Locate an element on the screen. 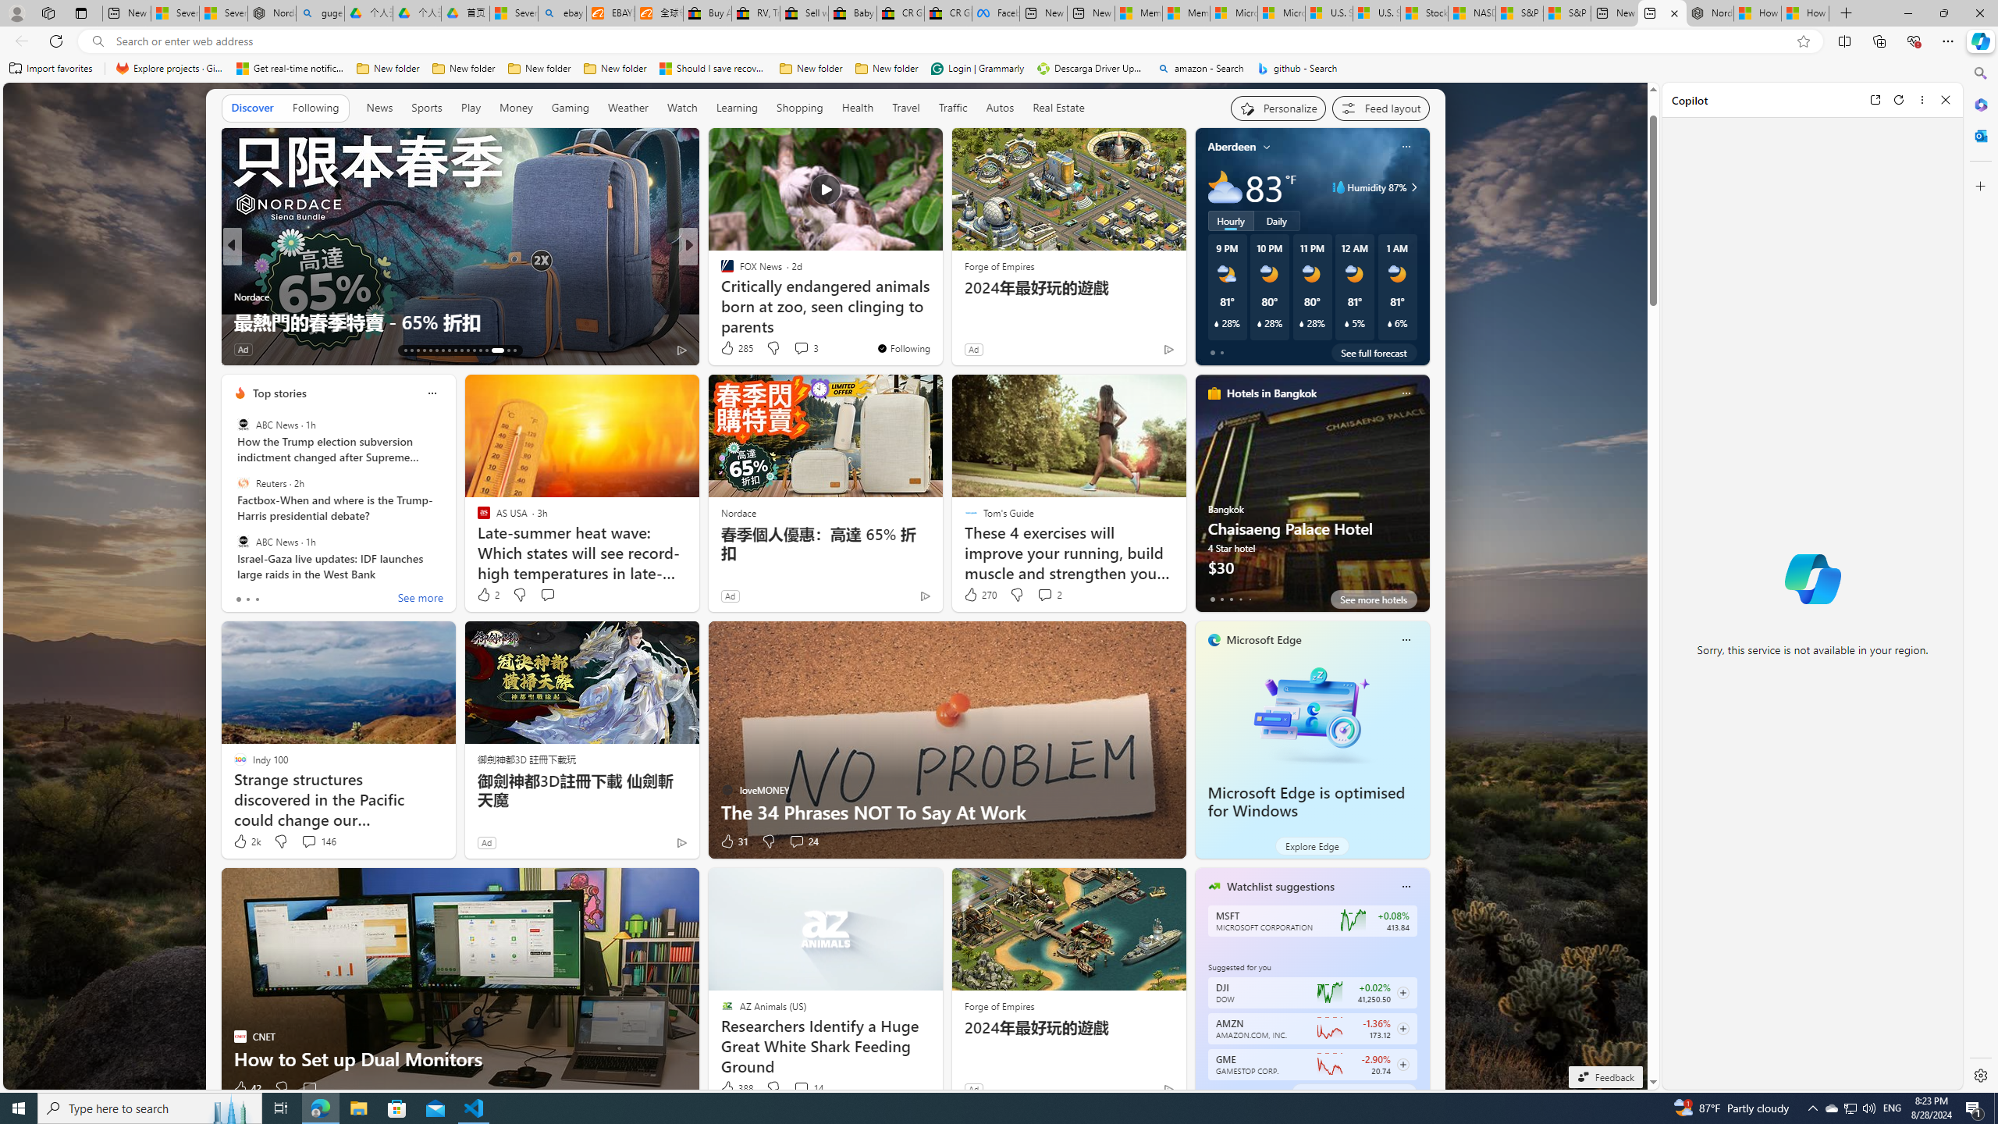 The width and height of the screenshot is (1998, 1124). 'View comments 2 Comment' is located at coordinates (1050, 594).